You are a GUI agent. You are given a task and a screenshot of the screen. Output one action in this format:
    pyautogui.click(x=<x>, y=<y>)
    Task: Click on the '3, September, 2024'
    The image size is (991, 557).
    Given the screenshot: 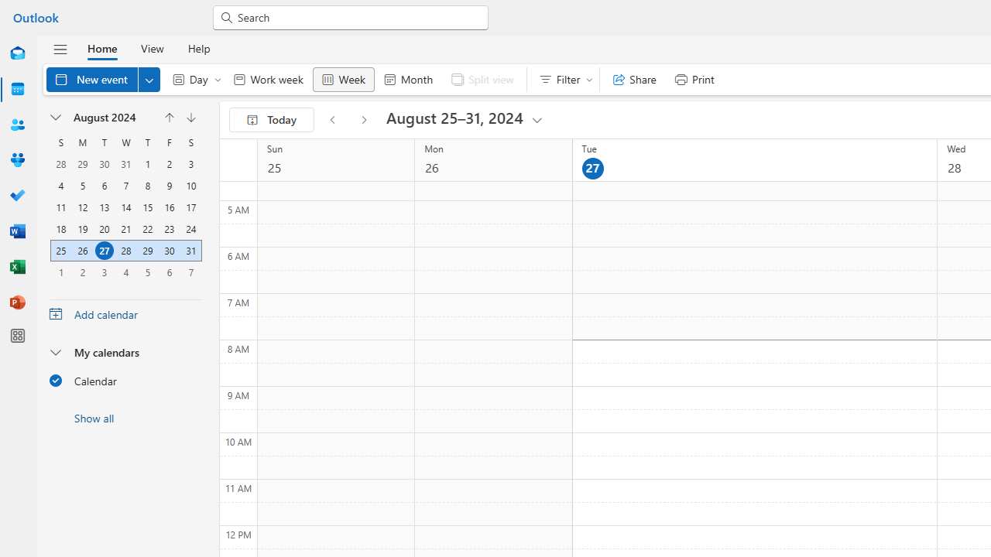 What is the action you would take?
    pyautogui.click(x=104, y=271)
    